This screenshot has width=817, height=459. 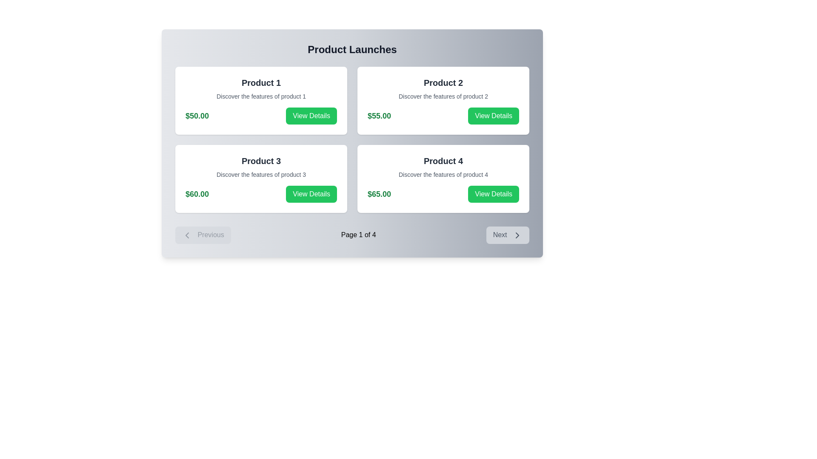 What do you see at coordinates (187, 235) in the screenshot?
I see `the 'Previous' button, which contains a left-pointing chevron icon` at bounding box center [187, 235].